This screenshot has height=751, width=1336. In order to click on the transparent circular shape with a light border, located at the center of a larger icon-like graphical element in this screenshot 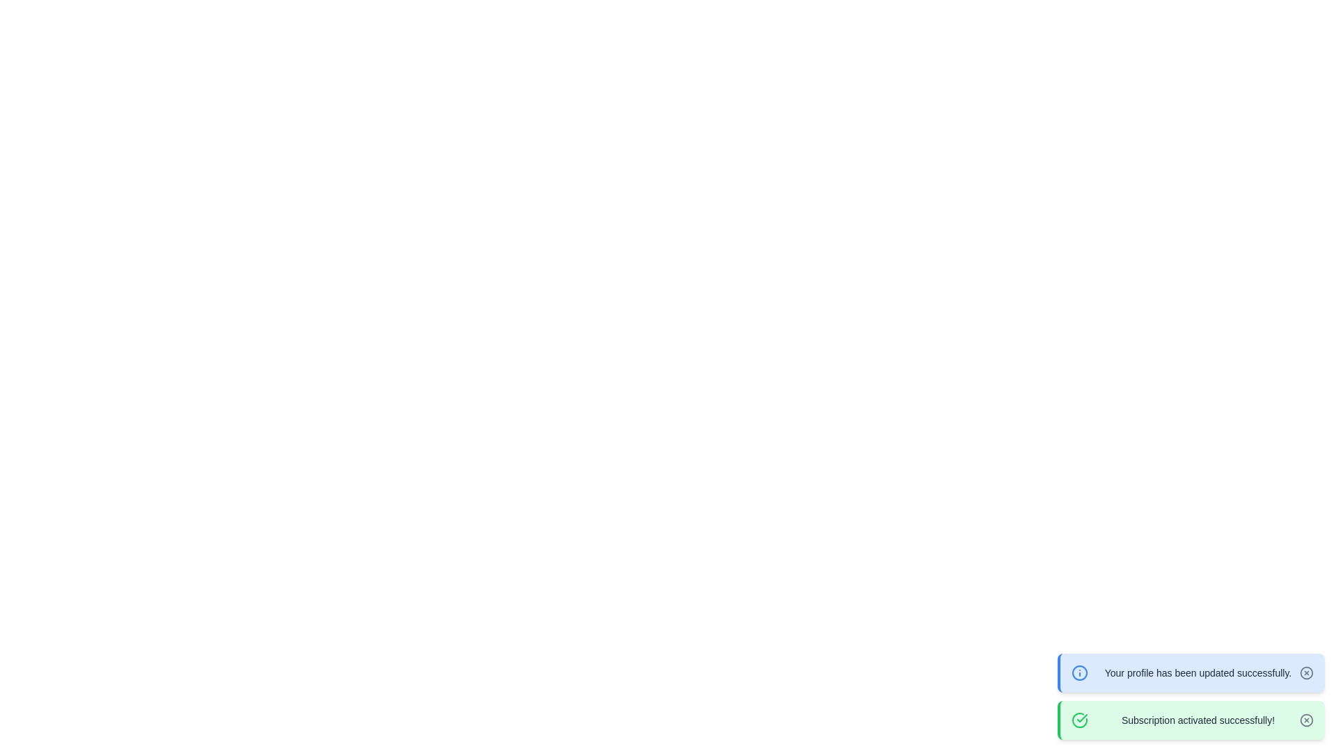, I will do `click(1305, 720)`.